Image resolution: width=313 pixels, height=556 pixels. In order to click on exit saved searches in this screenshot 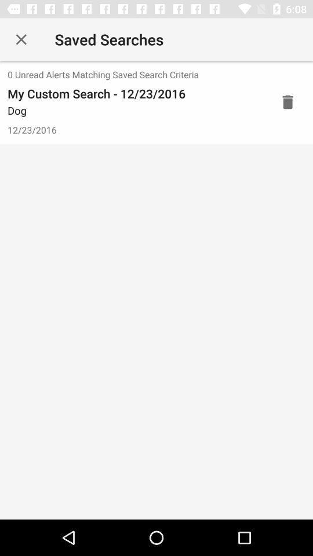, I will do `click(21, 39)`.